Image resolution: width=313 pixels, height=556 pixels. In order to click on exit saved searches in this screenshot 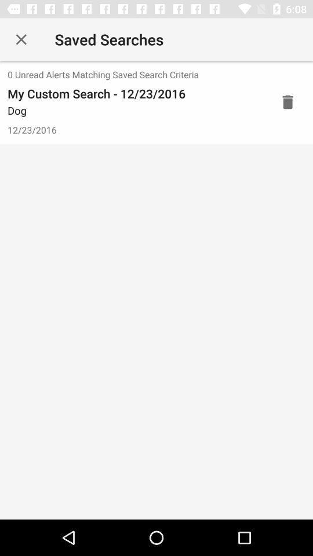, I will do `click(21, 39)`.